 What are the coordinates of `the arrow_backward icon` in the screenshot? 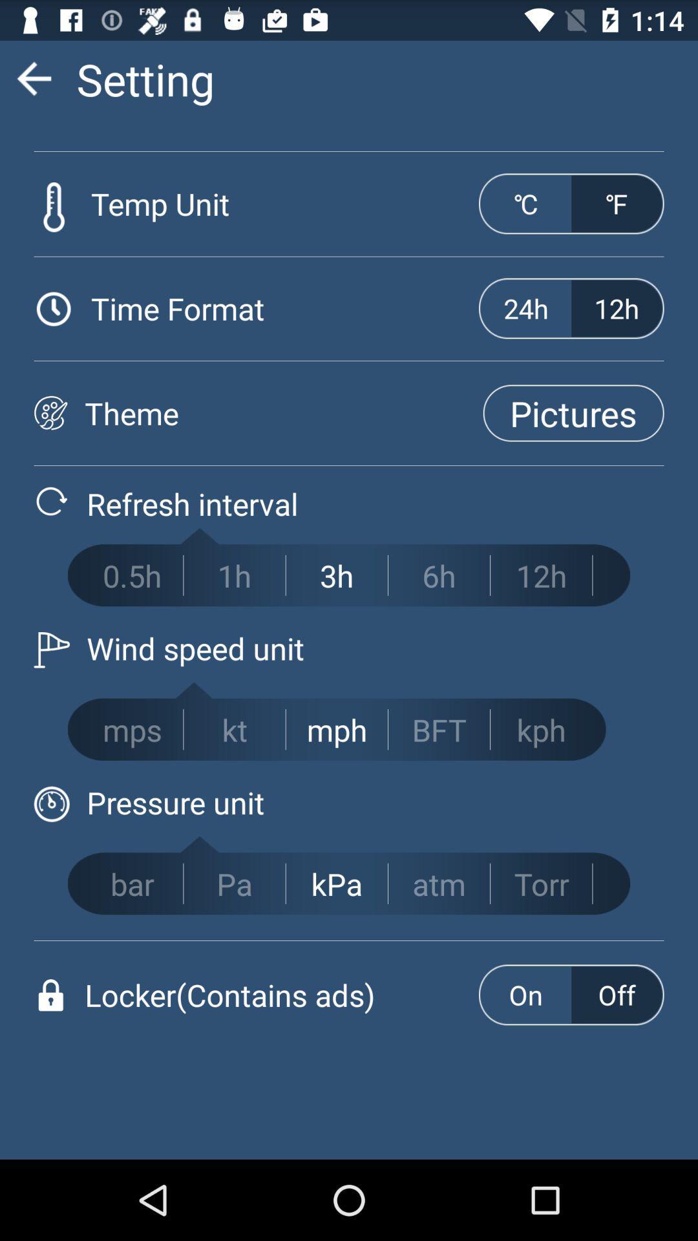 It's located at (33, 83).